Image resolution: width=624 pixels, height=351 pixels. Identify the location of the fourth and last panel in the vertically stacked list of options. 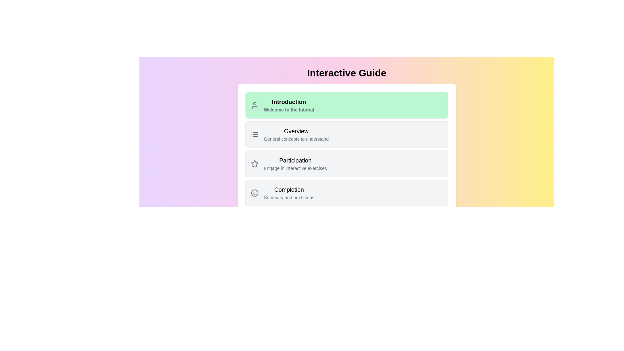
(346, 193).